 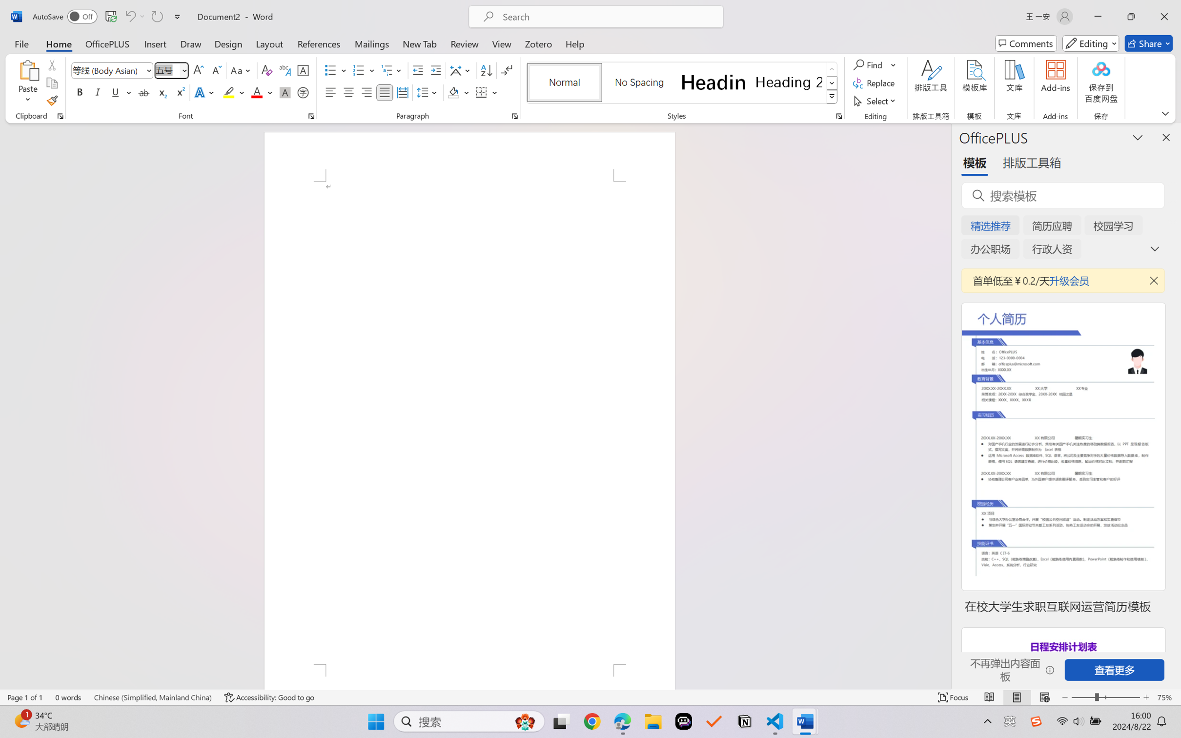 What do you see at coordinates (428, 92) in the screenshot?
I see `'Line and Paragraph Spacing'` at bounding box center [428, 92].